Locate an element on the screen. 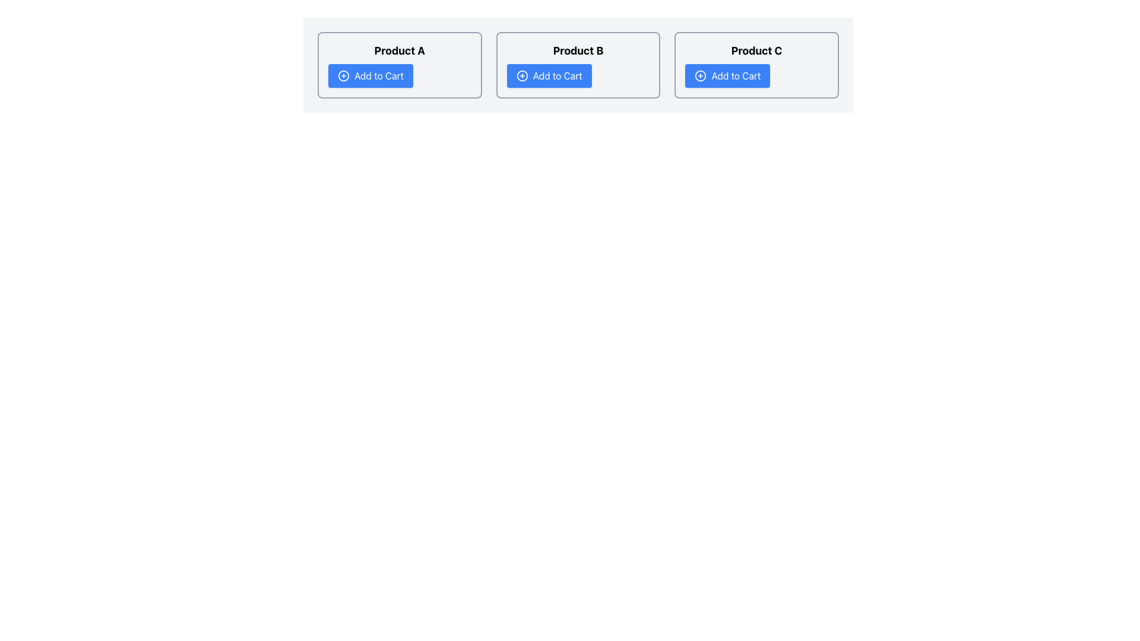  the circular icon component of the 'Add to Cart' button for Product B, which indicates the action of adding a product to the cart is located at coordinates (522, 75).